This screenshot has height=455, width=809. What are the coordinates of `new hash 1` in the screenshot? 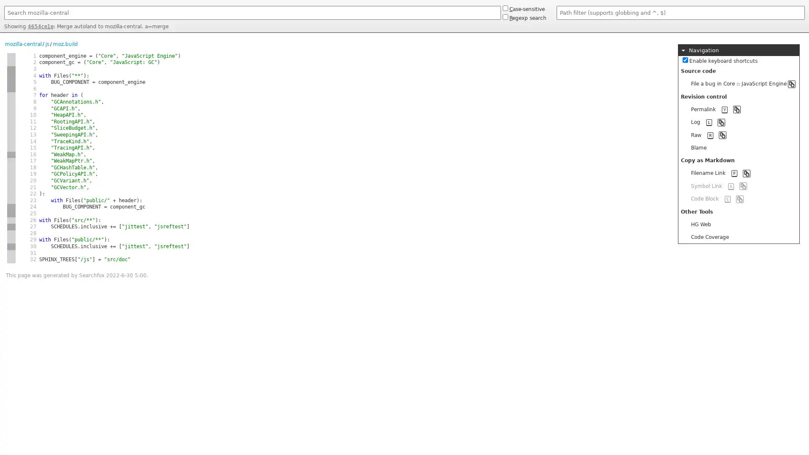 It's located at (11, 161).